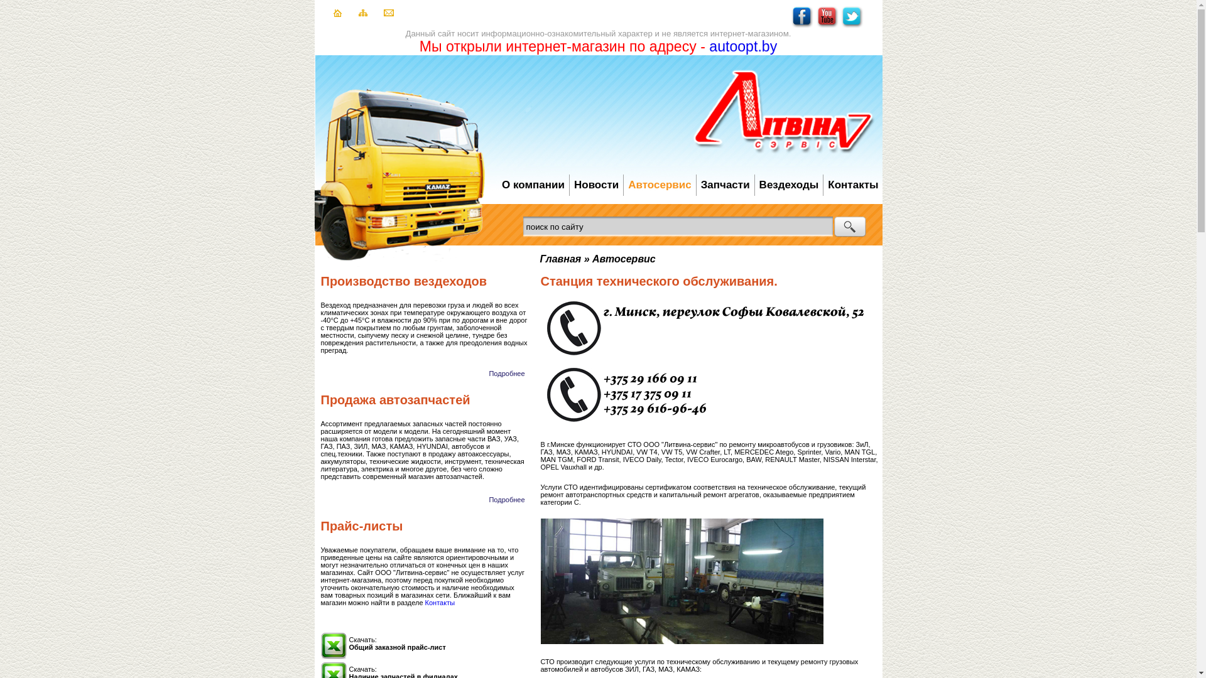 The height and width of the screenshot is (678, 1206). Describe the element at coordinates (337, 14) in the screenshot. I see `'home'` at that location.